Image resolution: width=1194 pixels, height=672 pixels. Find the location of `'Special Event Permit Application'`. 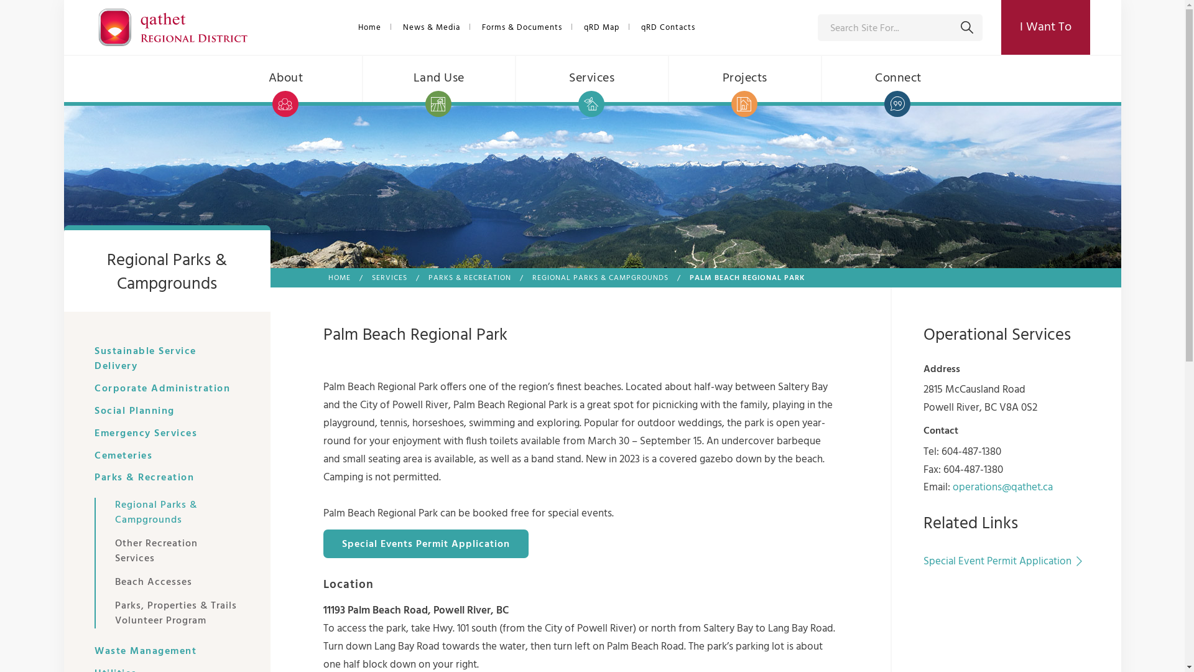

'Special Event Permit Application' is located at coordinates (1003, 561).